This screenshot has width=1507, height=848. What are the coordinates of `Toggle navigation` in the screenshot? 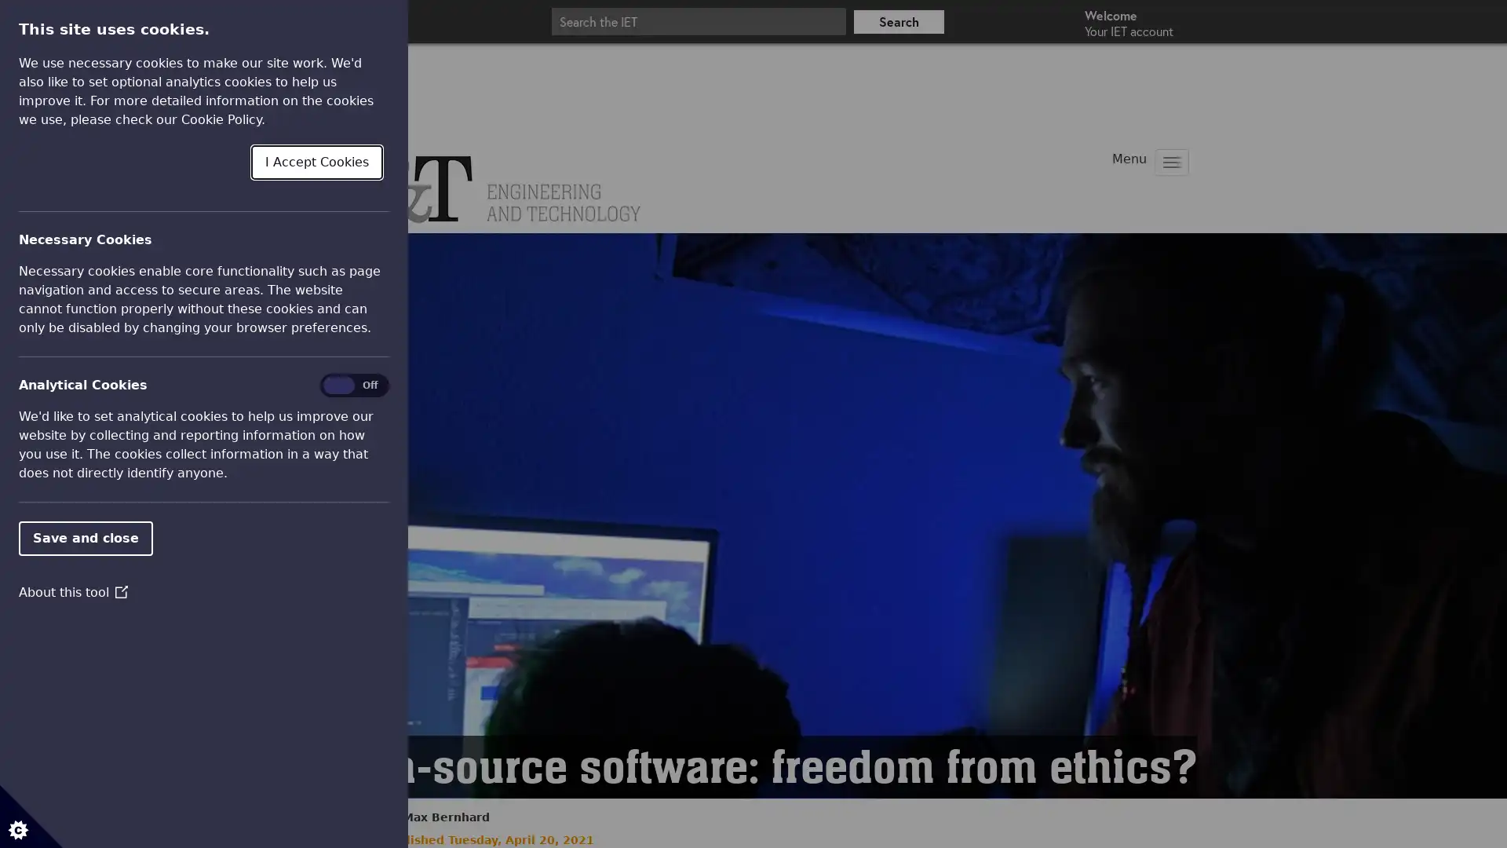 It's located at (1171, 163).